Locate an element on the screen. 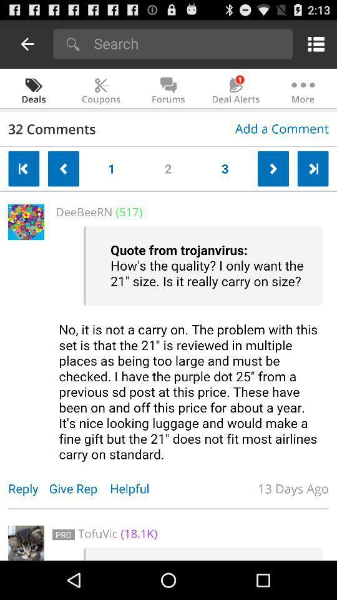 This screenshot has height=600, width=337. search function is located at coordinates (188, 43).